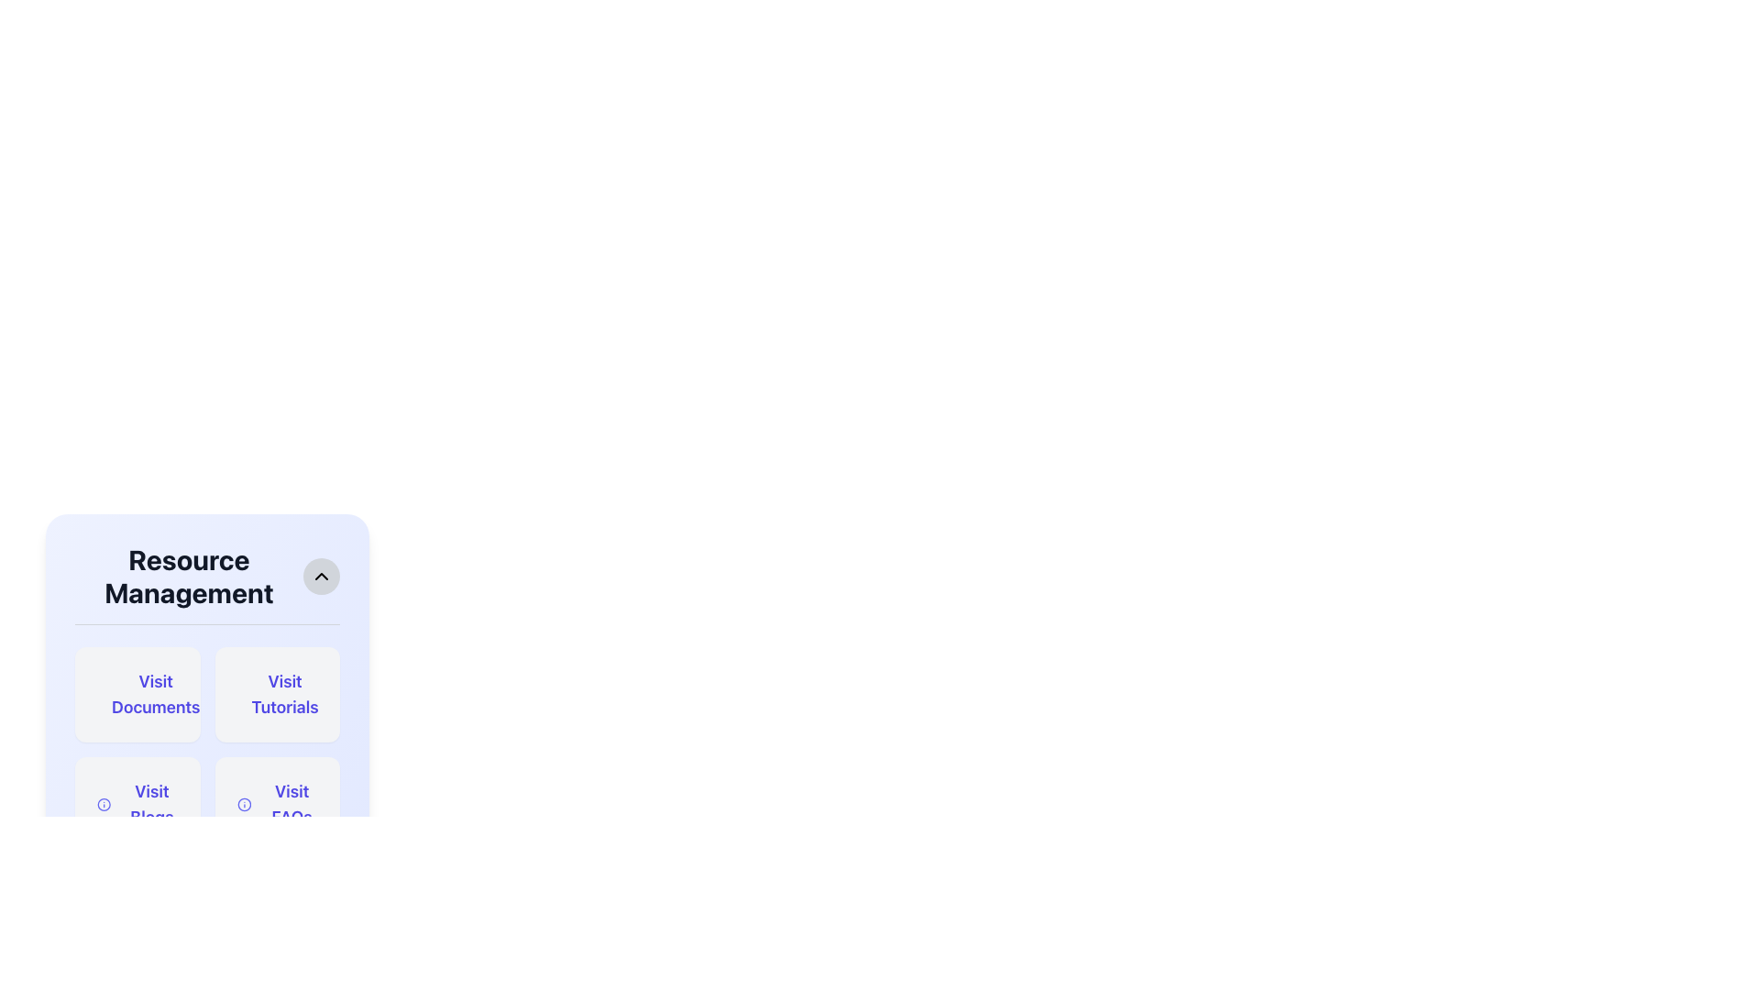  I want to click on the circular button with a light gray background and a black chevron icon pointing upwards, located next to the text 'Resource Management', so click(321, 575).